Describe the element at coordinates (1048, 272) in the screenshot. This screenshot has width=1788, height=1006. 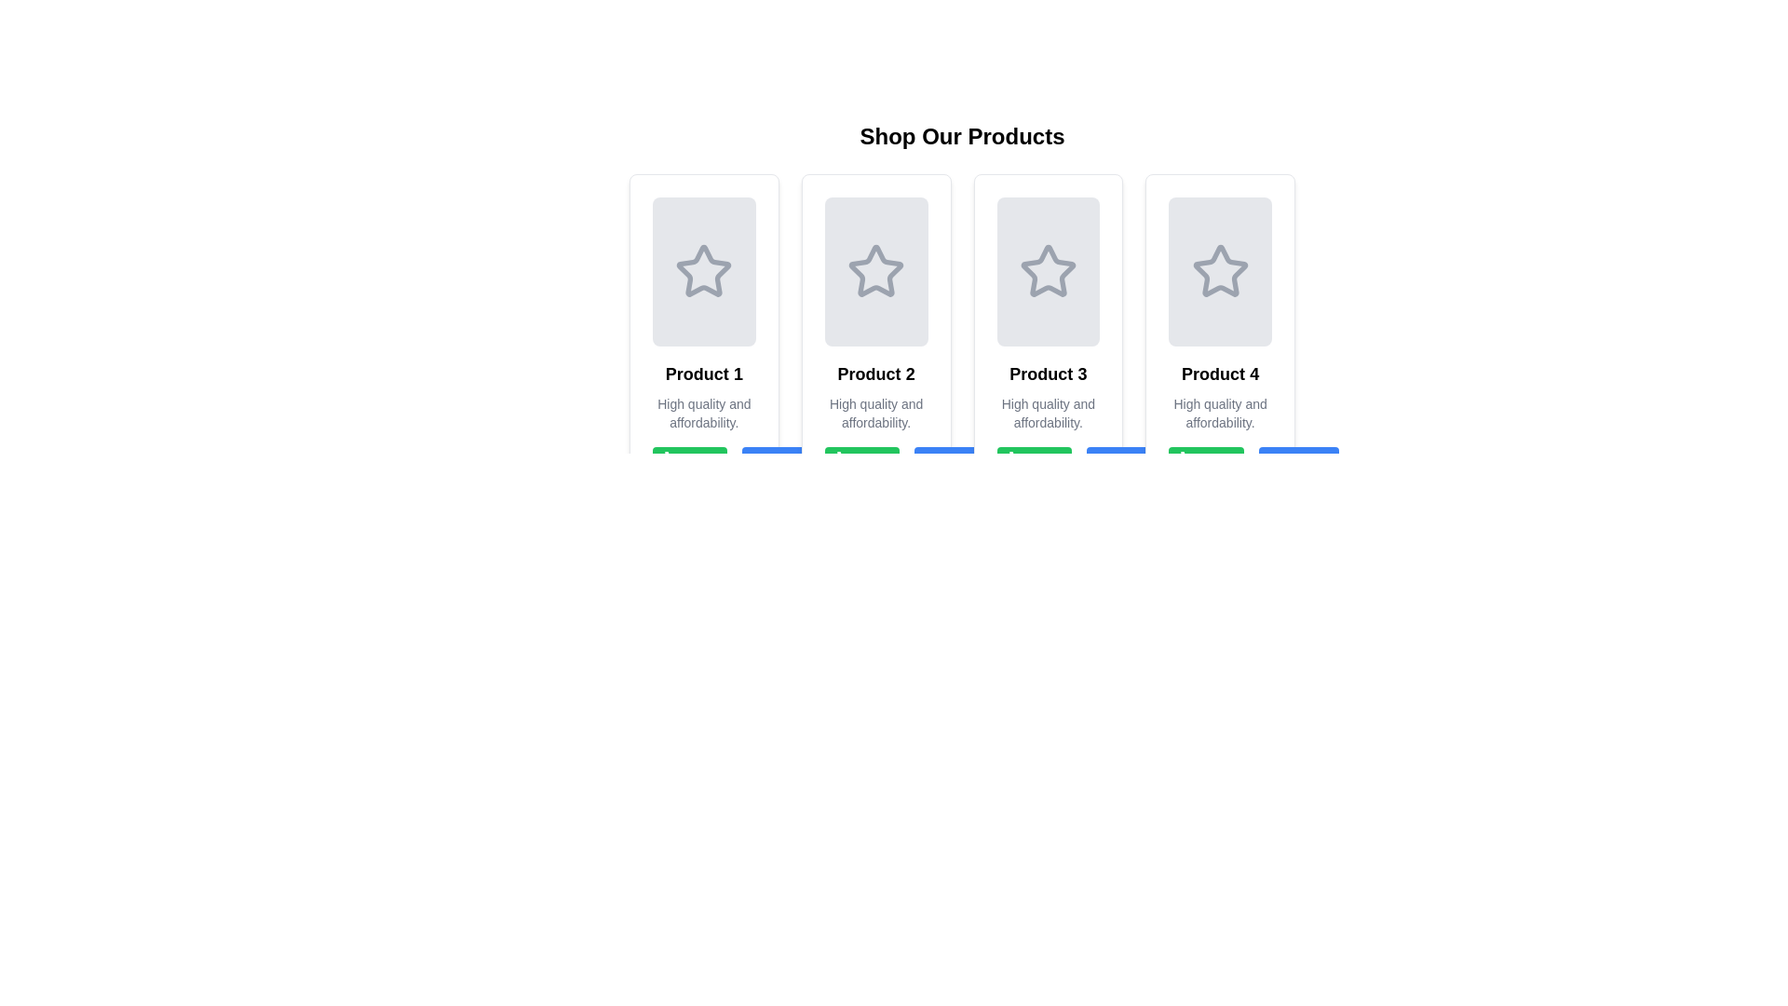
I see `the star icon with a hollow center and gray color, indicating an inactive state, located within the 'Product 3' card` at that location.